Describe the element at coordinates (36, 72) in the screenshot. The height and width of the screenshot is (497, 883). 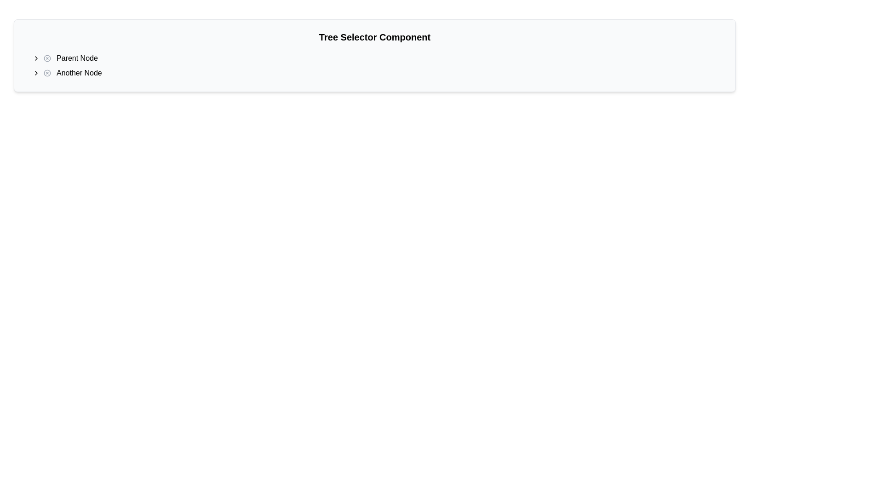
I see `the right-pointing chevron icon, which is an expandable tree node indicator located to the left of the 'Another Node' label in the second row of the hierarchical tree structure` at that location.